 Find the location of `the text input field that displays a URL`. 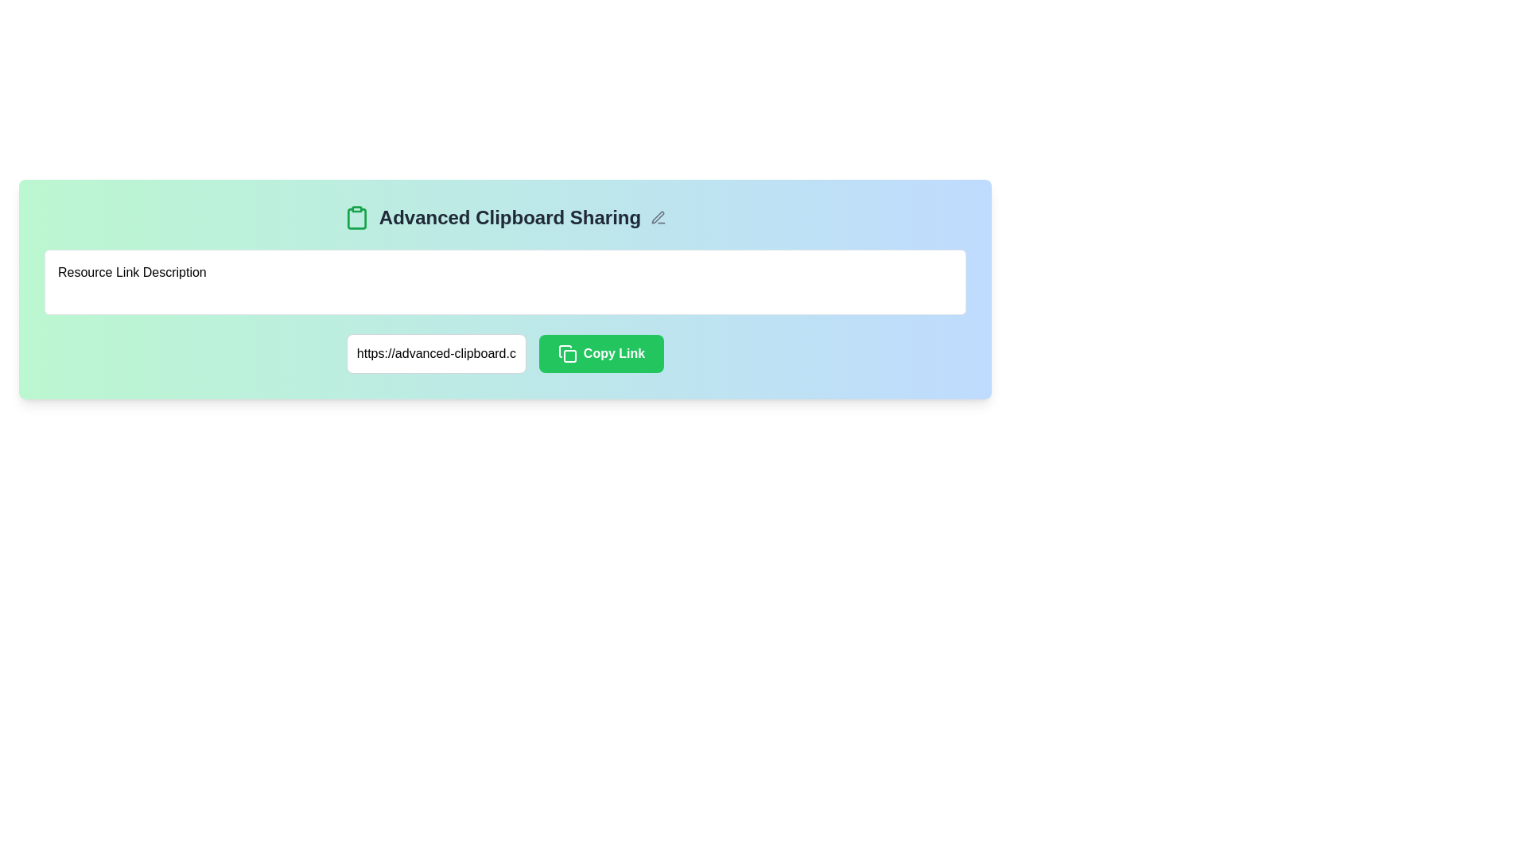

the text input field that displays a URL is located at coordinates (436, 352).